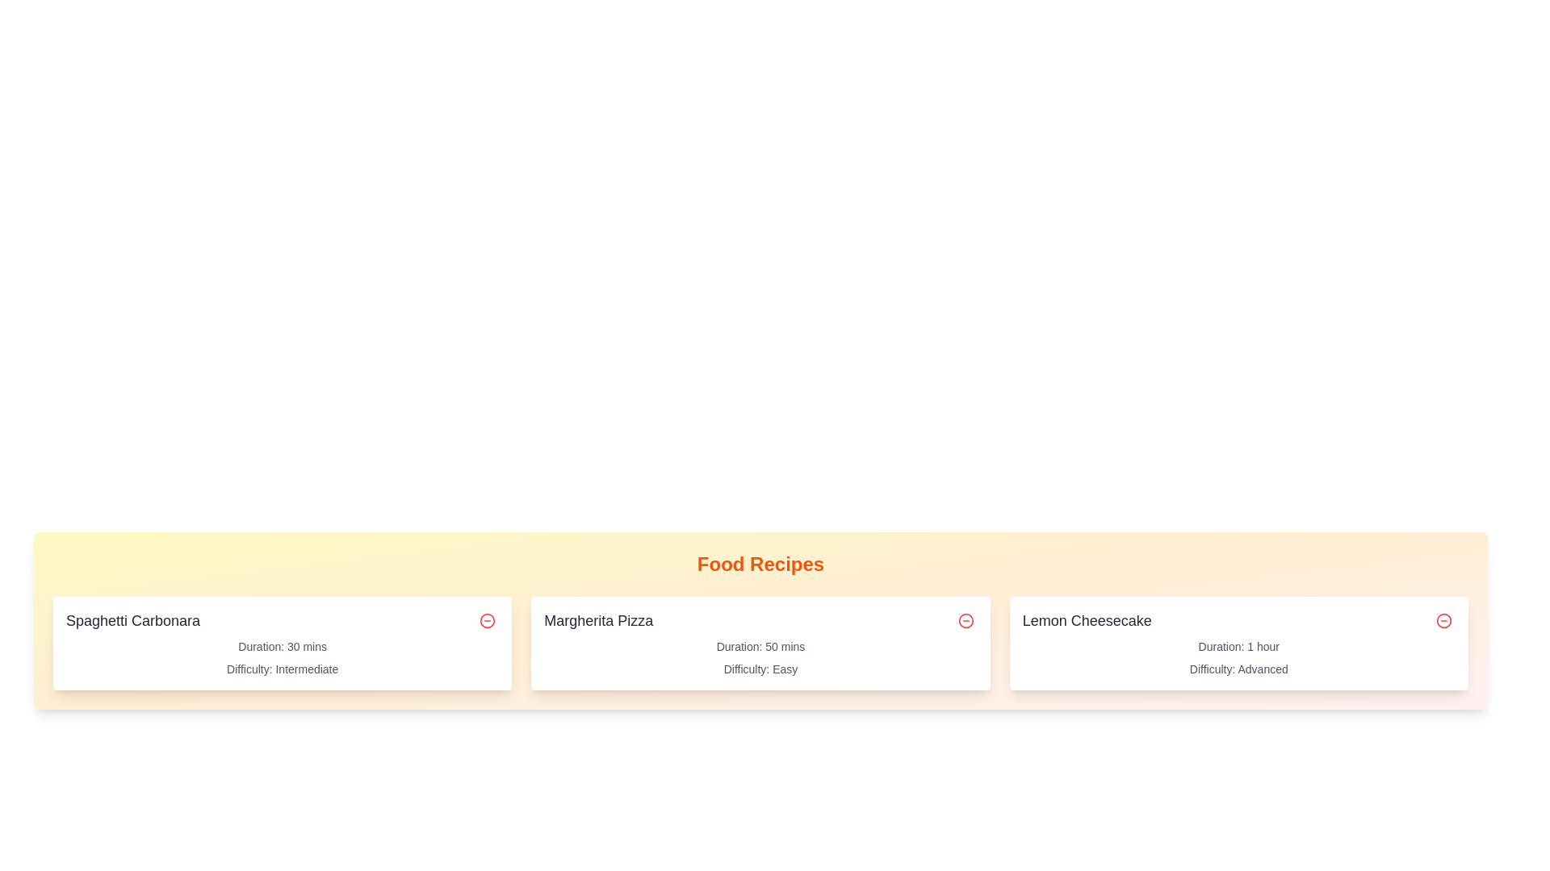  I want to click on the duration display label located in the middle recipe card under 'Margherita Pizza' heading and above 'Difficulty: Easy' text, so click(760, 646).